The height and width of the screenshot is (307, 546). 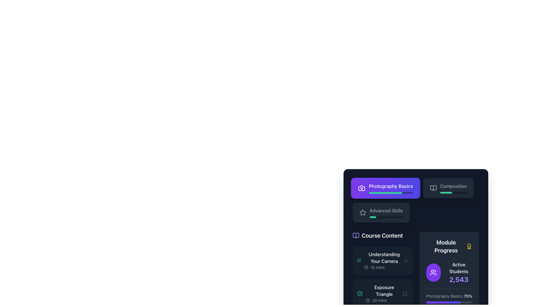 I want to click on the progress representation of the Progress Bar located below the 'Composition' text in the 'Photography Basics' interface, so click(x=453, y=192).